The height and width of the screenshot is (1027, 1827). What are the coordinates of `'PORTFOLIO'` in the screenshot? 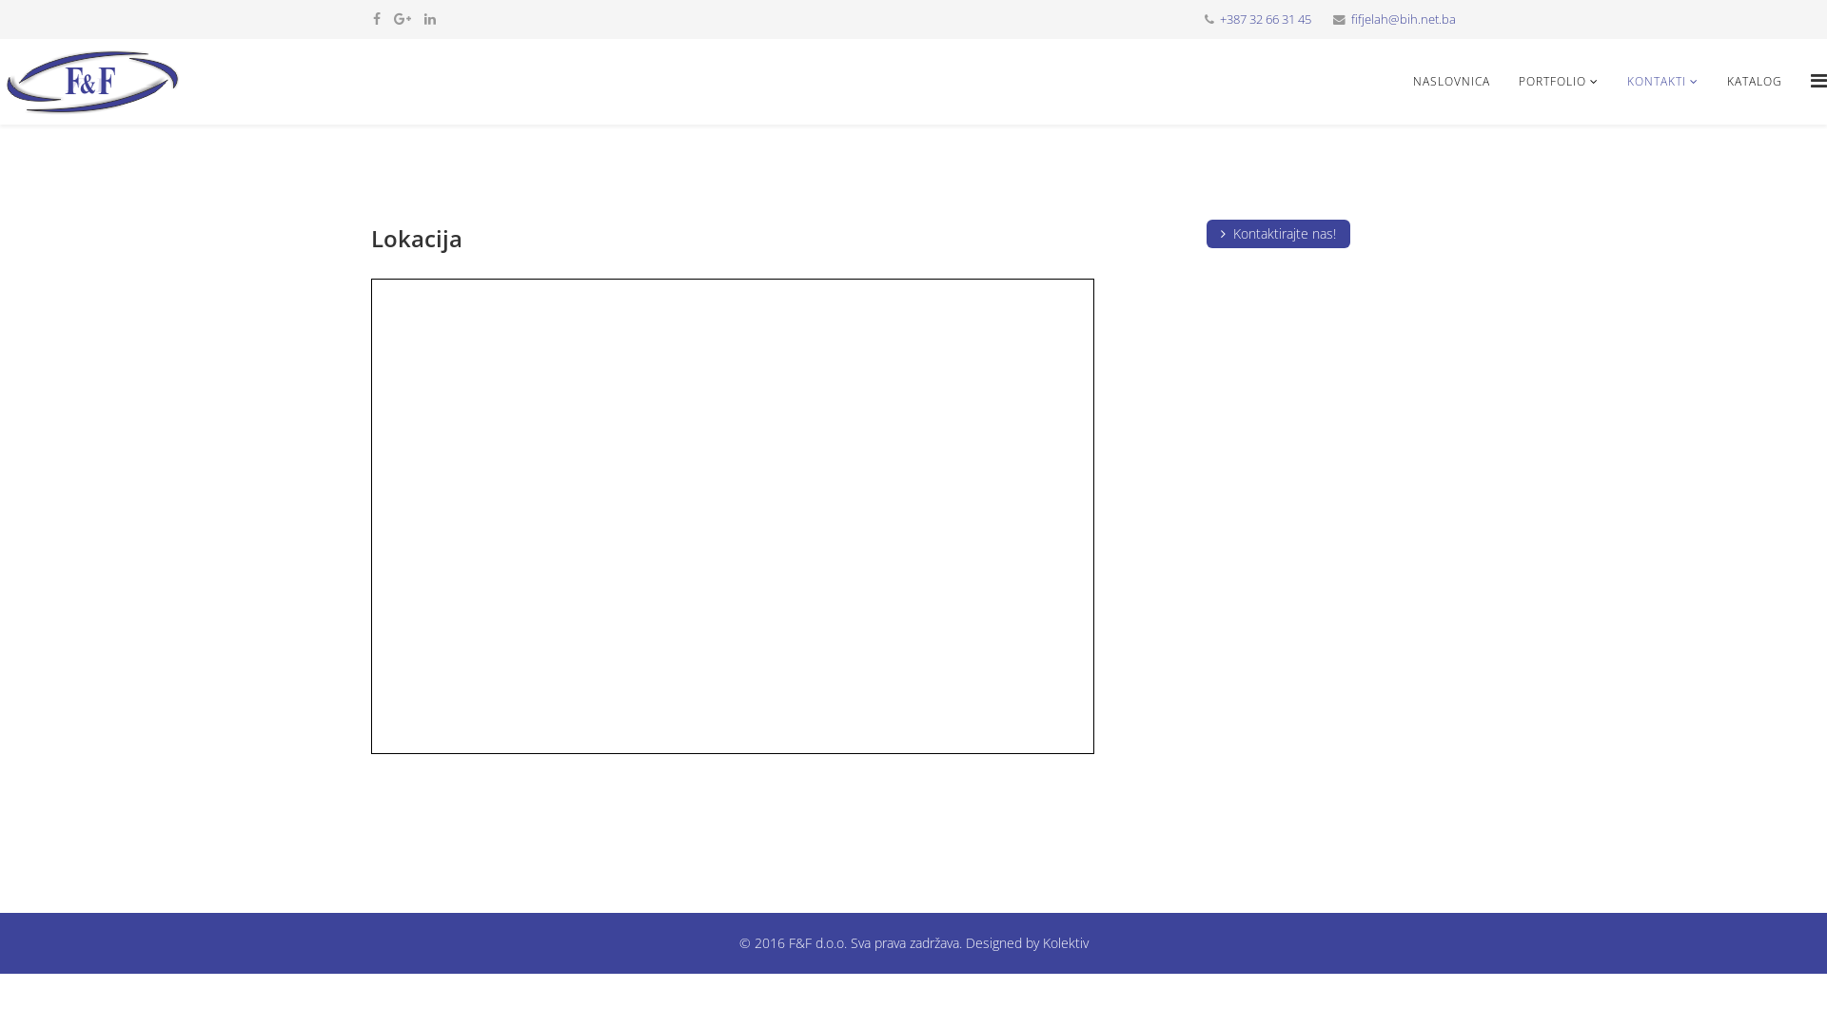 It's located at (1558, 80).